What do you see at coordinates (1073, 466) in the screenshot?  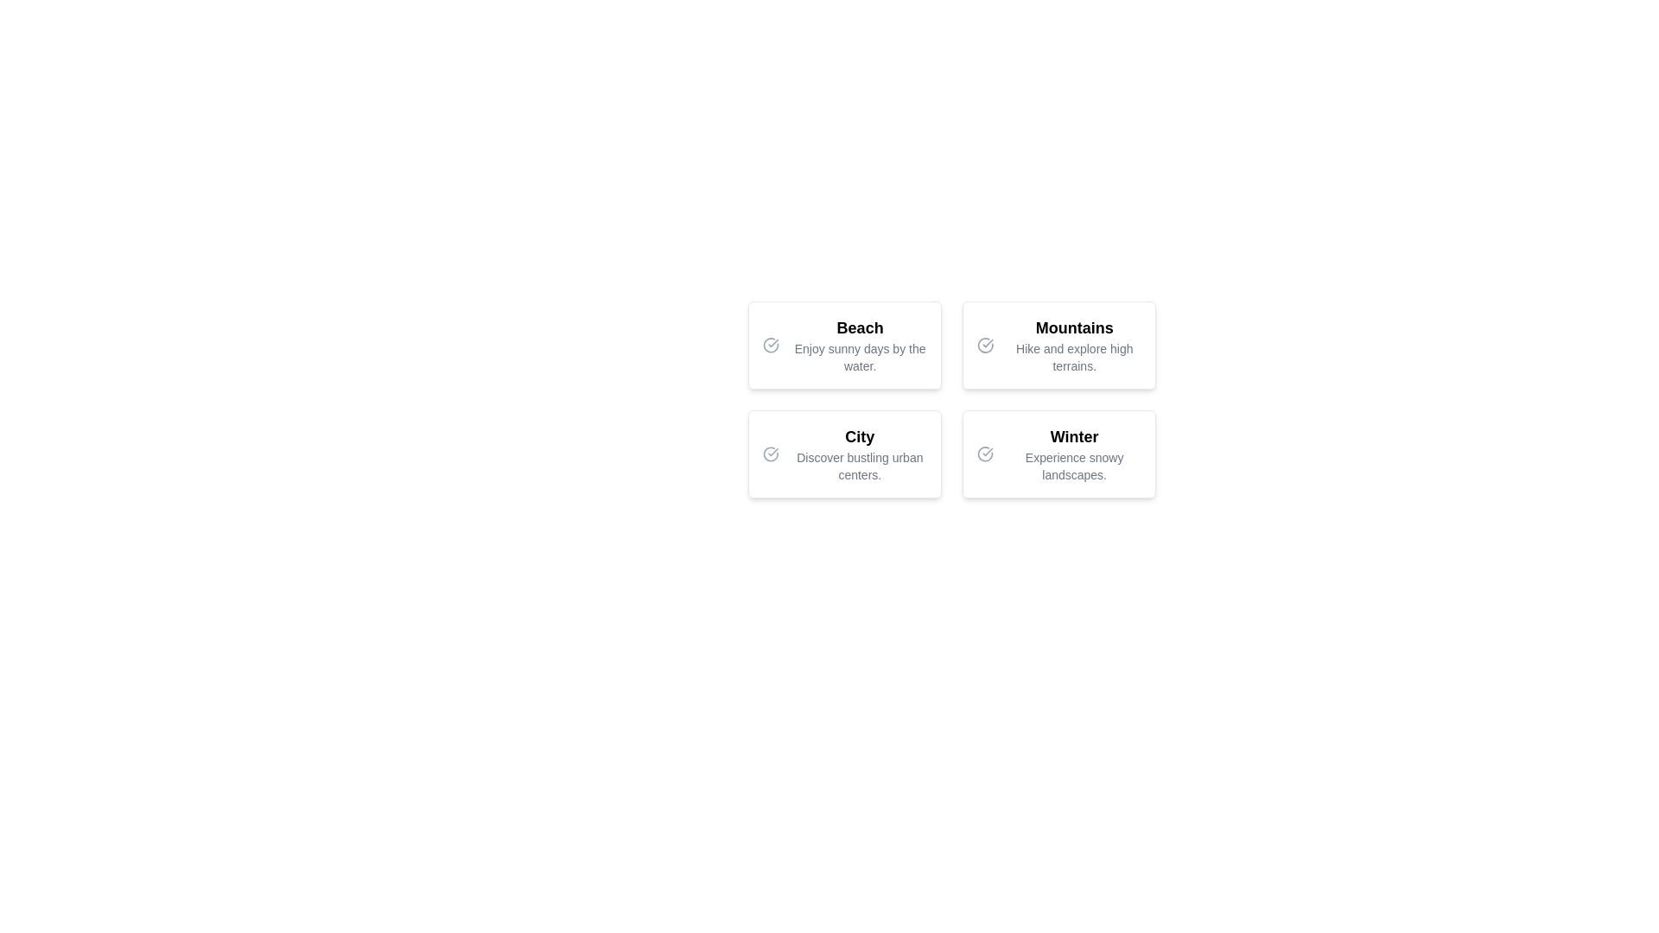 I see `the static text element displaying 'Experience snowy landscapes.' located below the title 'Winter' in the bottom-right quadrant of the layout` at bounding box center [1073, 466].